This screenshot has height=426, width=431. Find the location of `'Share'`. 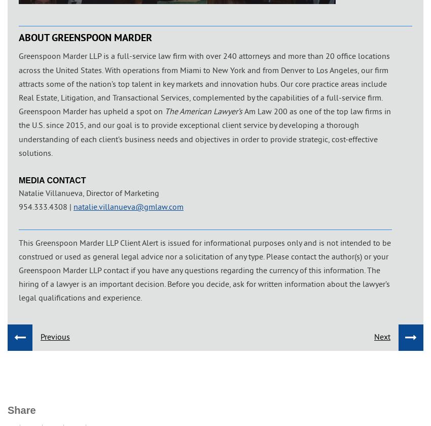

'Share' is located at coordinates (21, 409).